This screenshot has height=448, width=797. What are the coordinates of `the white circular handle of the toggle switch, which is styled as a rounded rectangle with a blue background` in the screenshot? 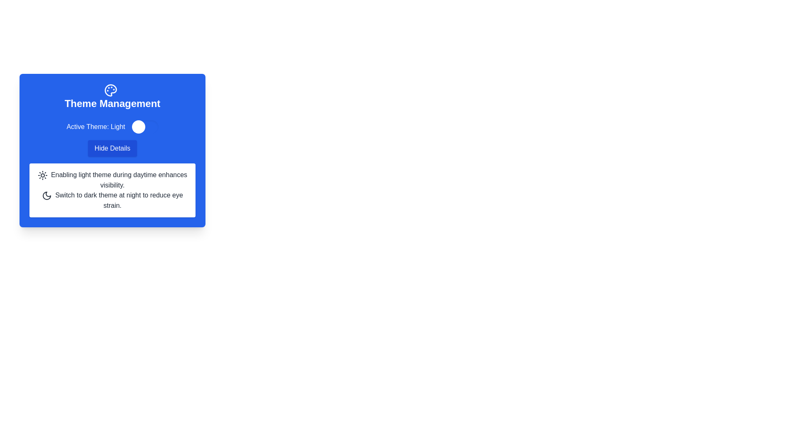 It's located at (145, 127).